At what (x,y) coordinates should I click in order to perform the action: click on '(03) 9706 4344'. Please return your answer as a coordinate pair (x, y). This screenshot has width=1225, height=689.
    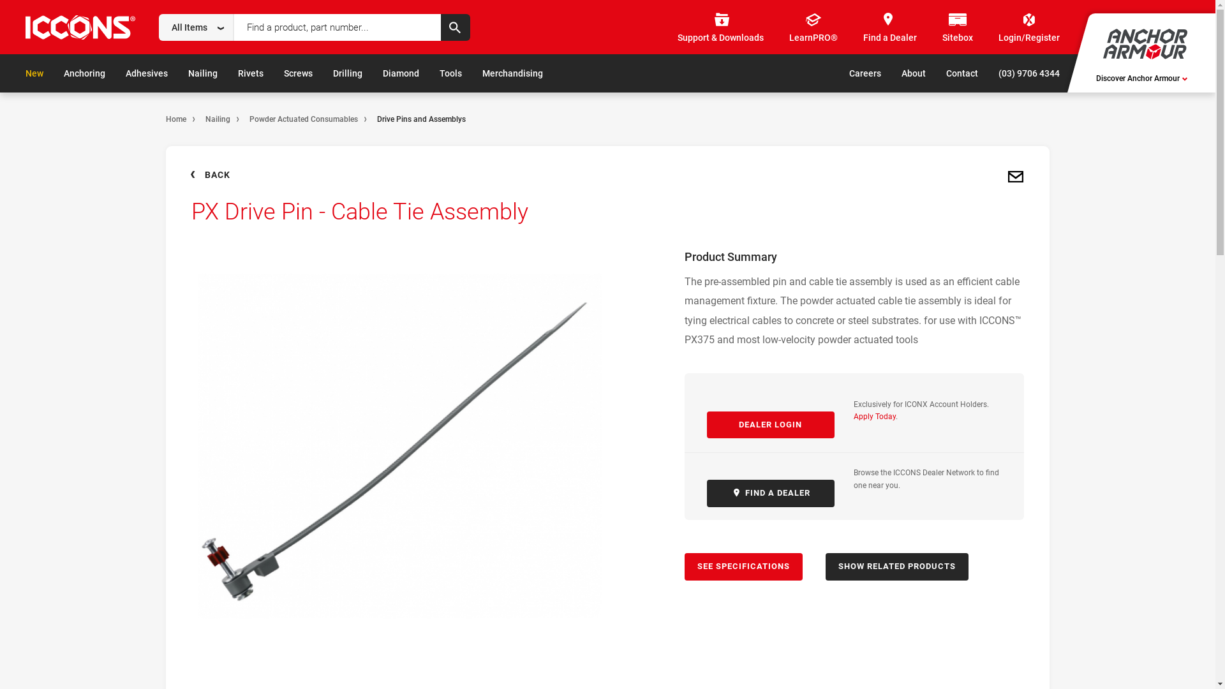
    Looking at the image, I should click on (1028, 73).